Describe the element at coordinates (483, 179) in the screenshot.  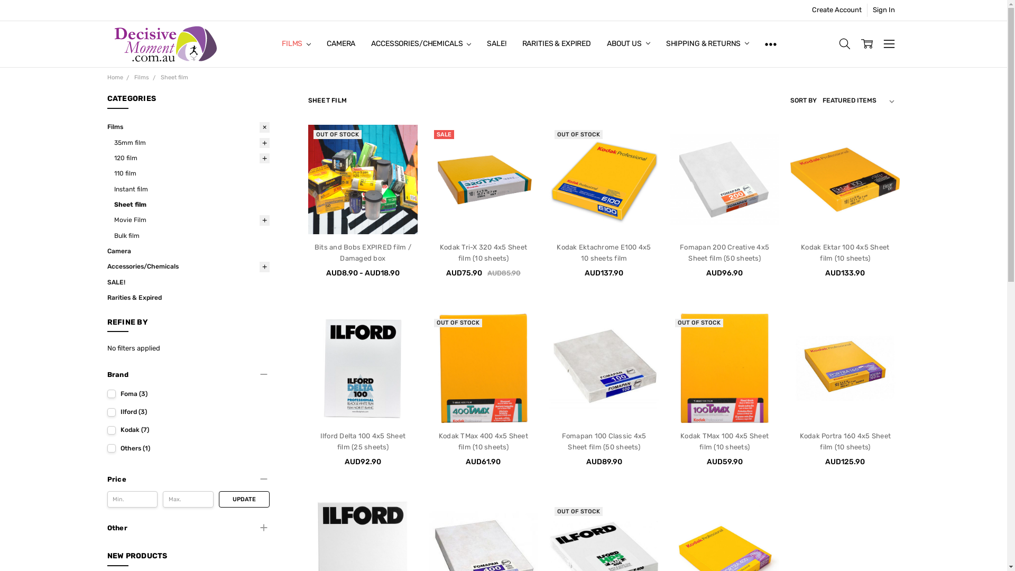
I see `'Kodak Tri-X 320 4x5 Sheet film (10 sheets)'` at that location.